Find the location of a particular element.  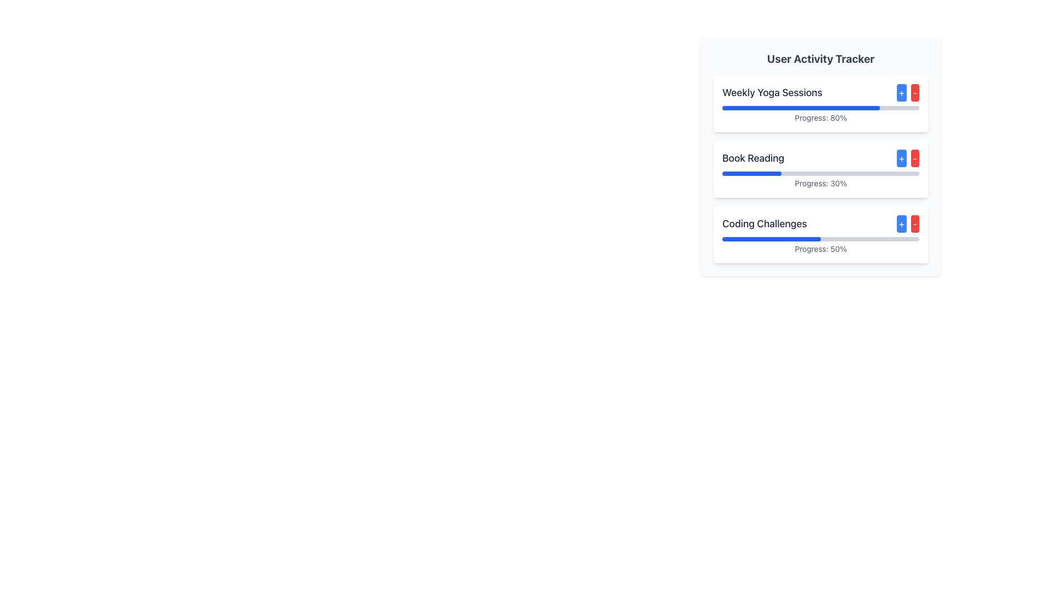

the progress bar representing the completion level of the 'Book Reading' activity, which shows 30% progress is located at coordinates (821, 173).